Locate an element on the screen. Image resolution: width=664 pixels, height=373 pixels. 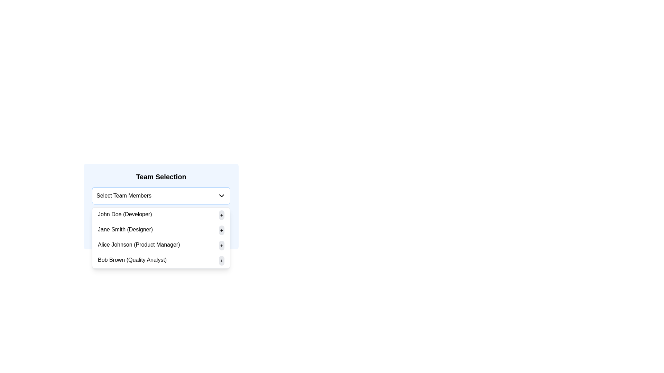
the Text Label displaying 'Bob Brown (Quality Analyst)' within the 'Team Selection' dialog, which is the fourth option in the menu is located at coordinates (132, 261).